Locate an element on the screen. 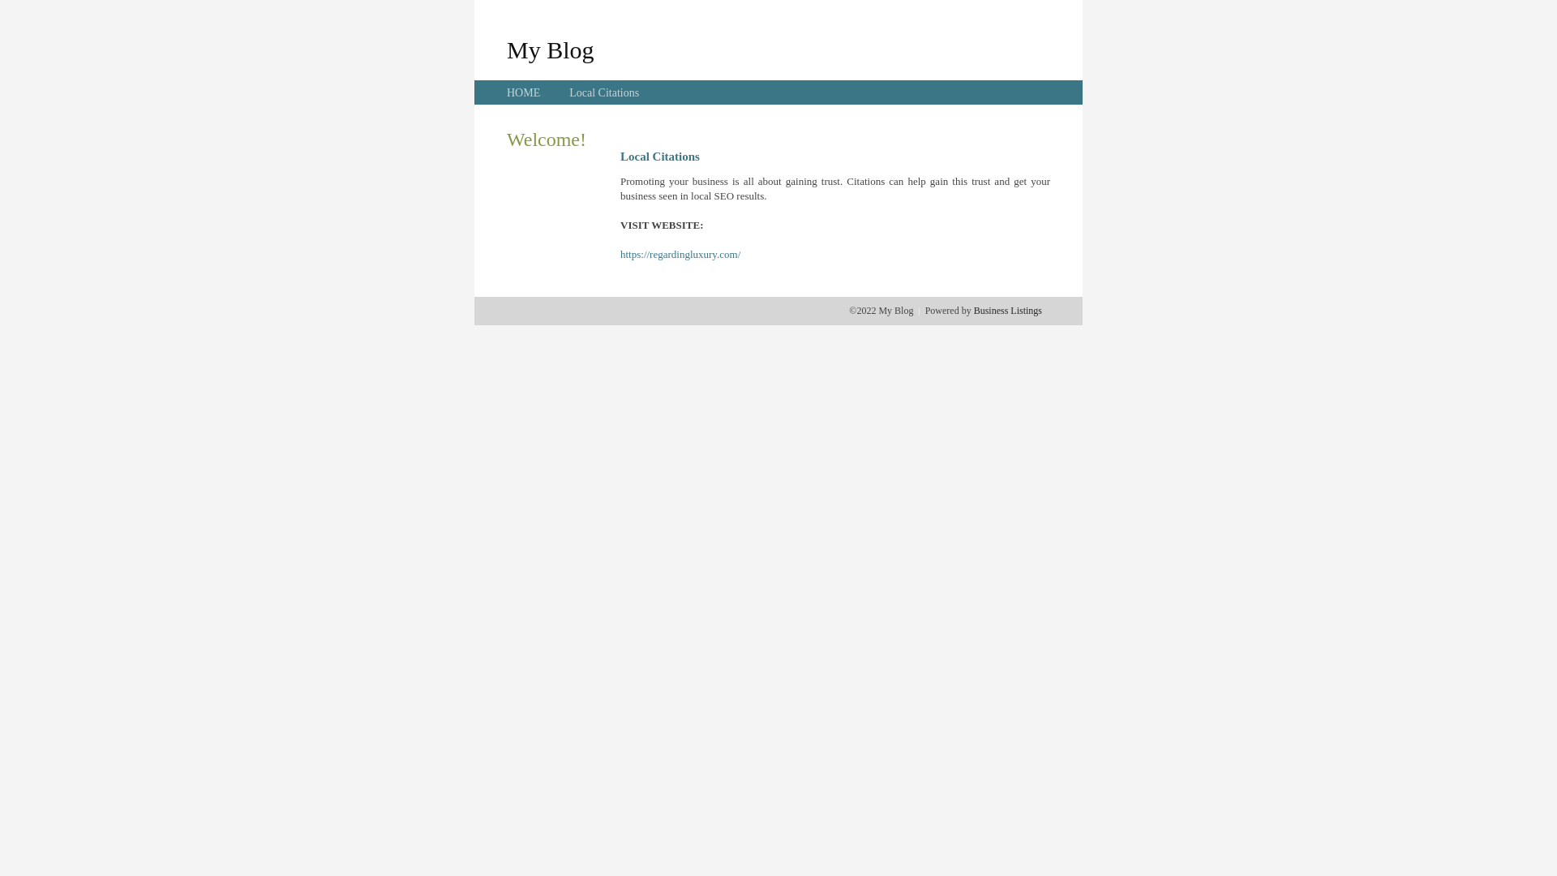  'Business Listings' is located at coordinates (1007, 310).